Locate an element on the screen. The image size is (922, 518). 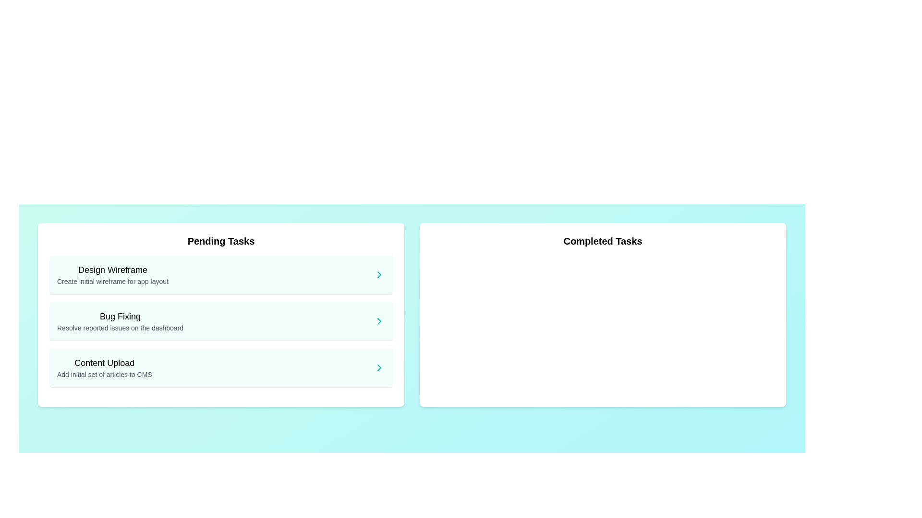
the interactive icon button located in the bottom-right corner of the 'Content Upload' card under 'Pending Tasks' is located at coordinates (379, 367).